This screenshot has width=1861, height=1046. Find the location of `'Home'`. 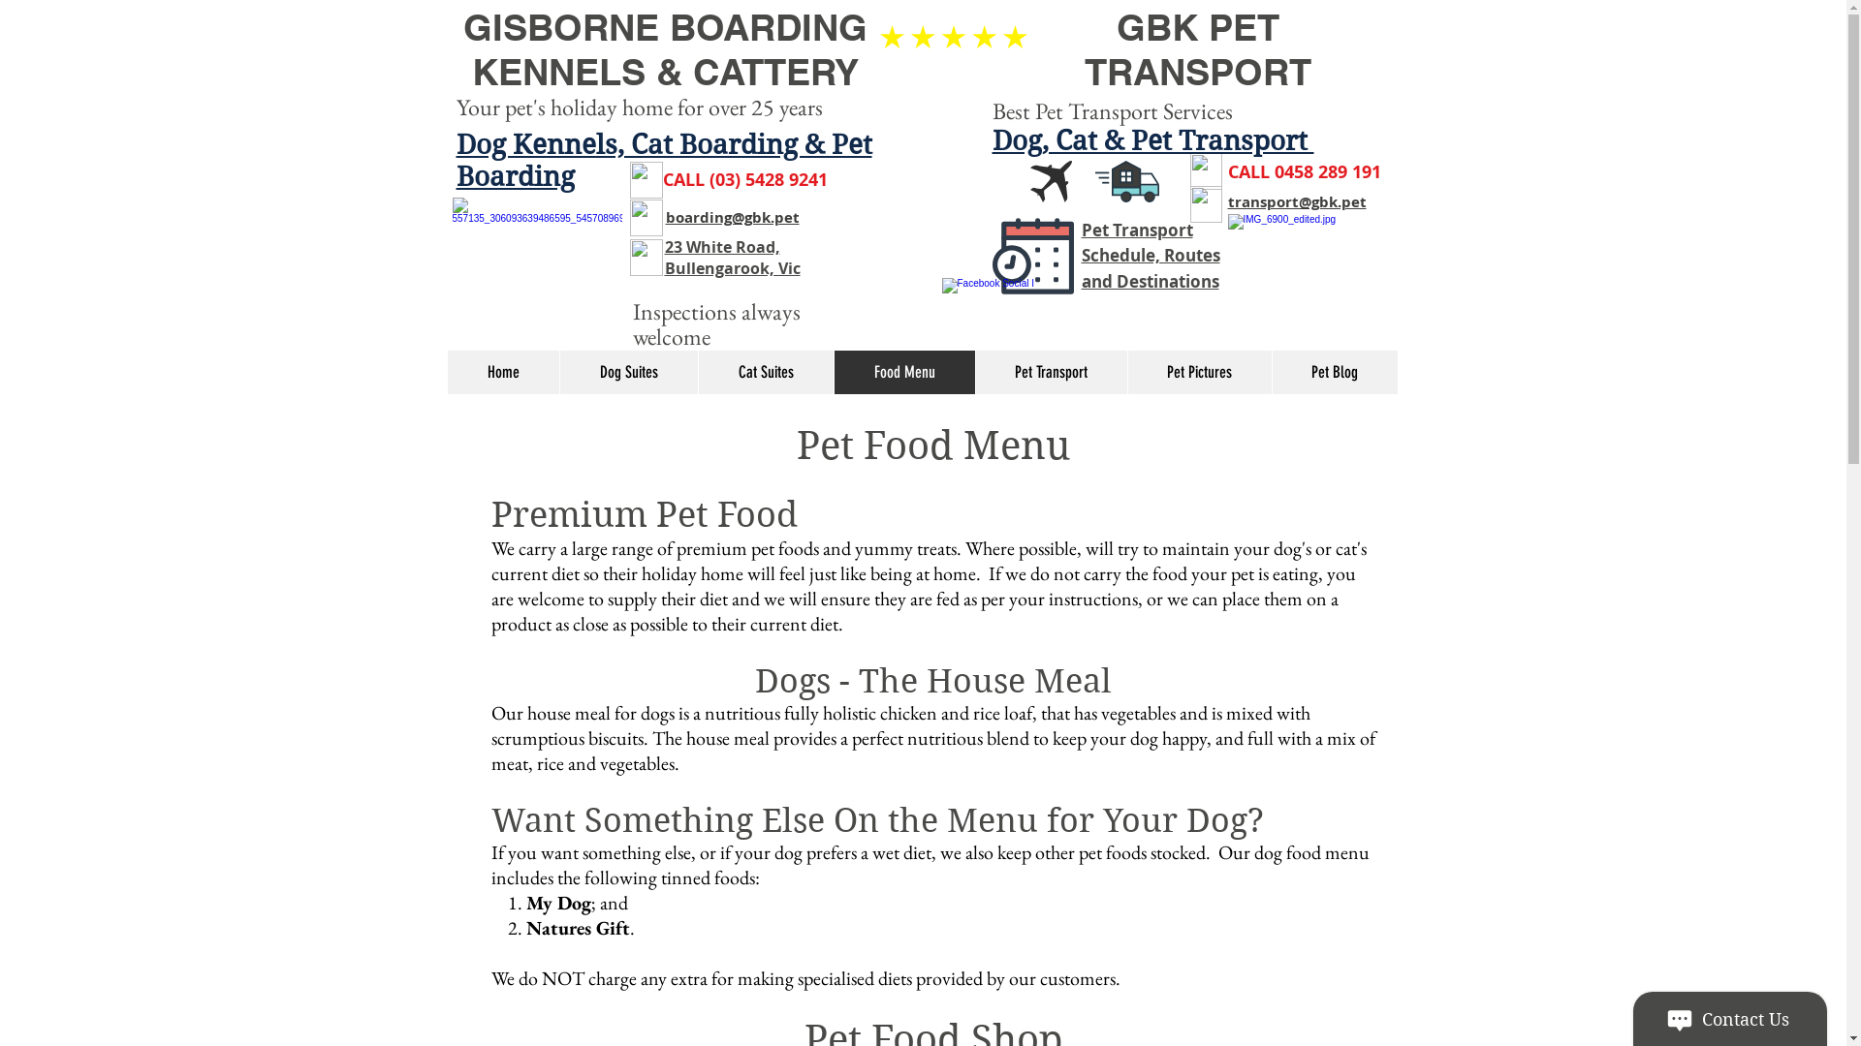

'Home' is located at coordinates (503, 372).